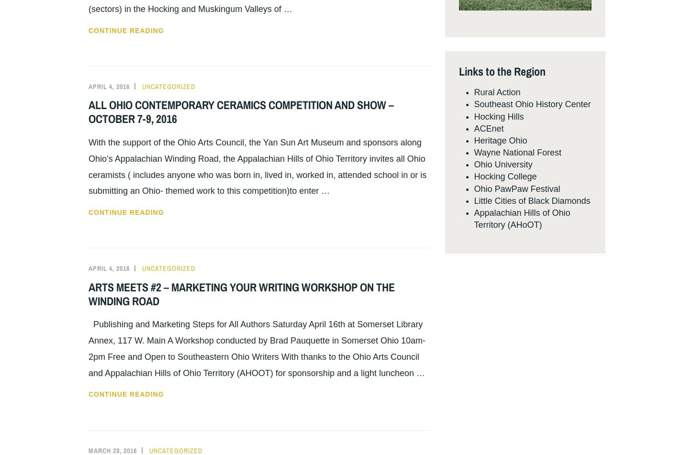 The image size is (694, 455). I want to click on 'Links to the Region', so click(502, 70).